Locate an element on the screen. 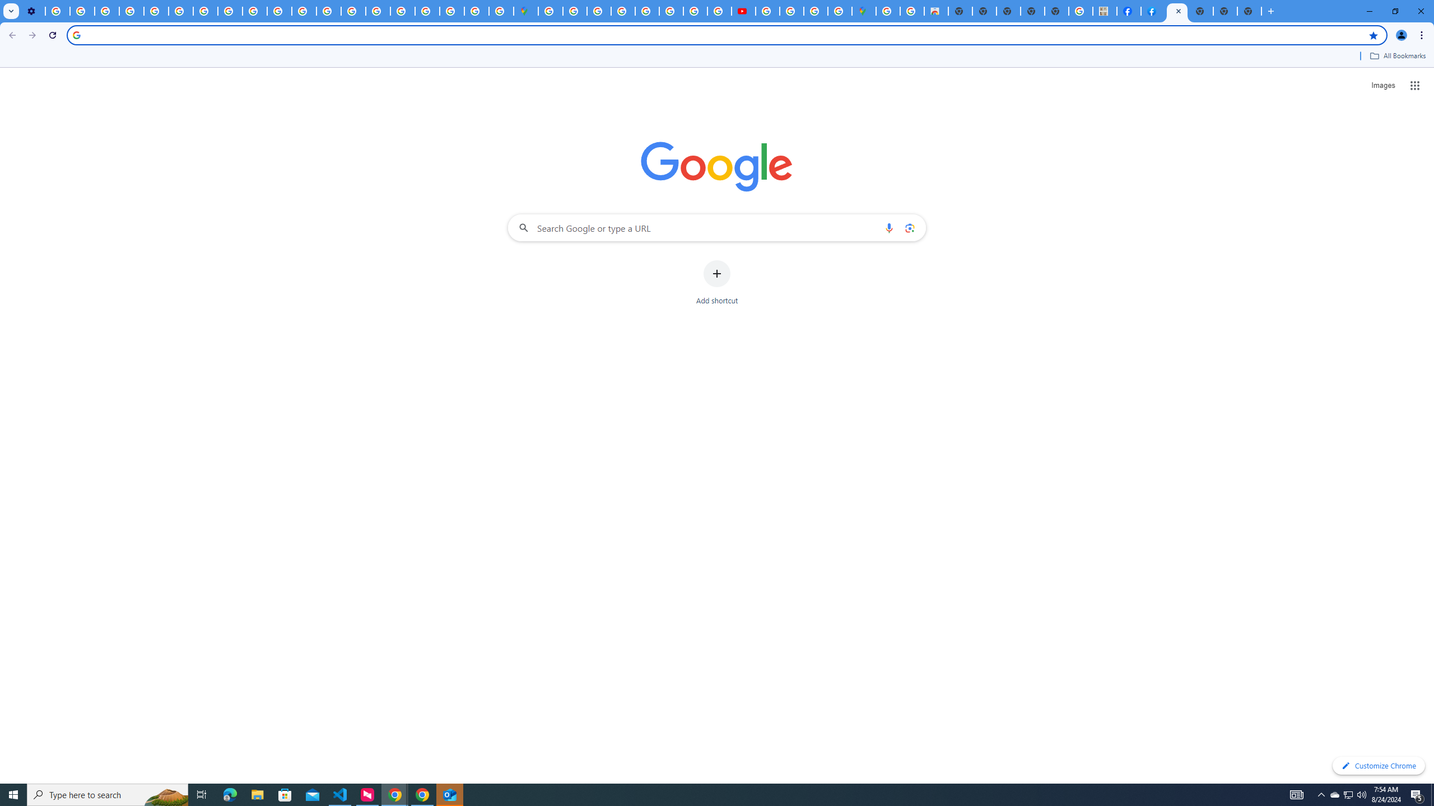 The width and height of the screenshot is (1434, 806). 'Learn how to find your photos - Google Photos Help' is located at coordinates (82, 11).